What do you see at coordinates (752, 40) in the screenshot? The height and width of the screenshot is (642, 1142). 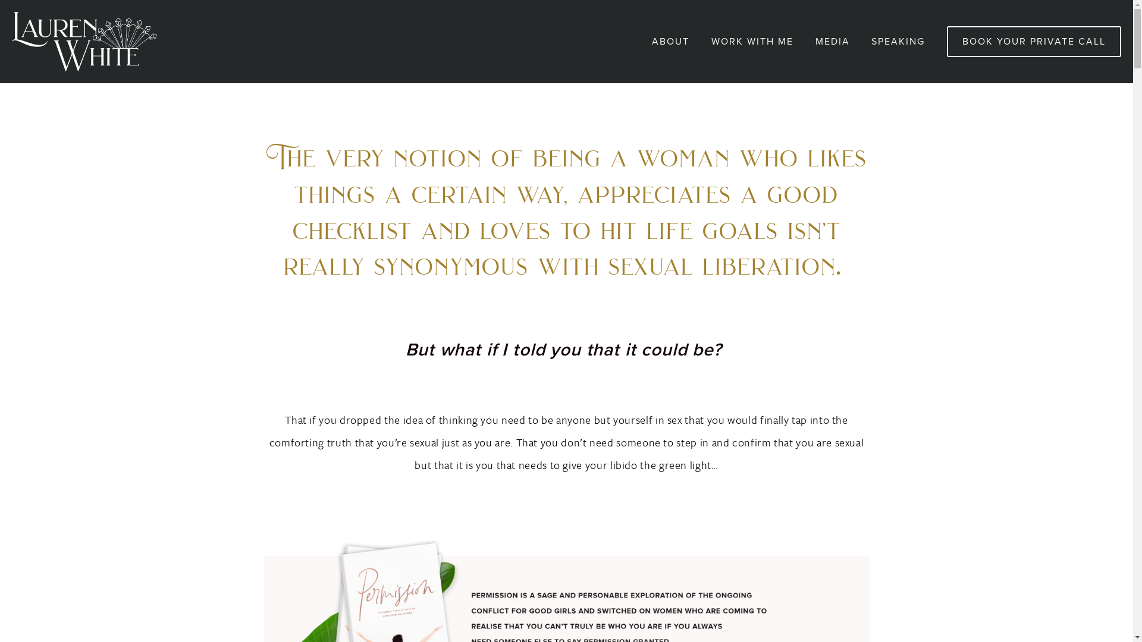 I see `'WORK WITH ME'` at bounding box center [752, 40].